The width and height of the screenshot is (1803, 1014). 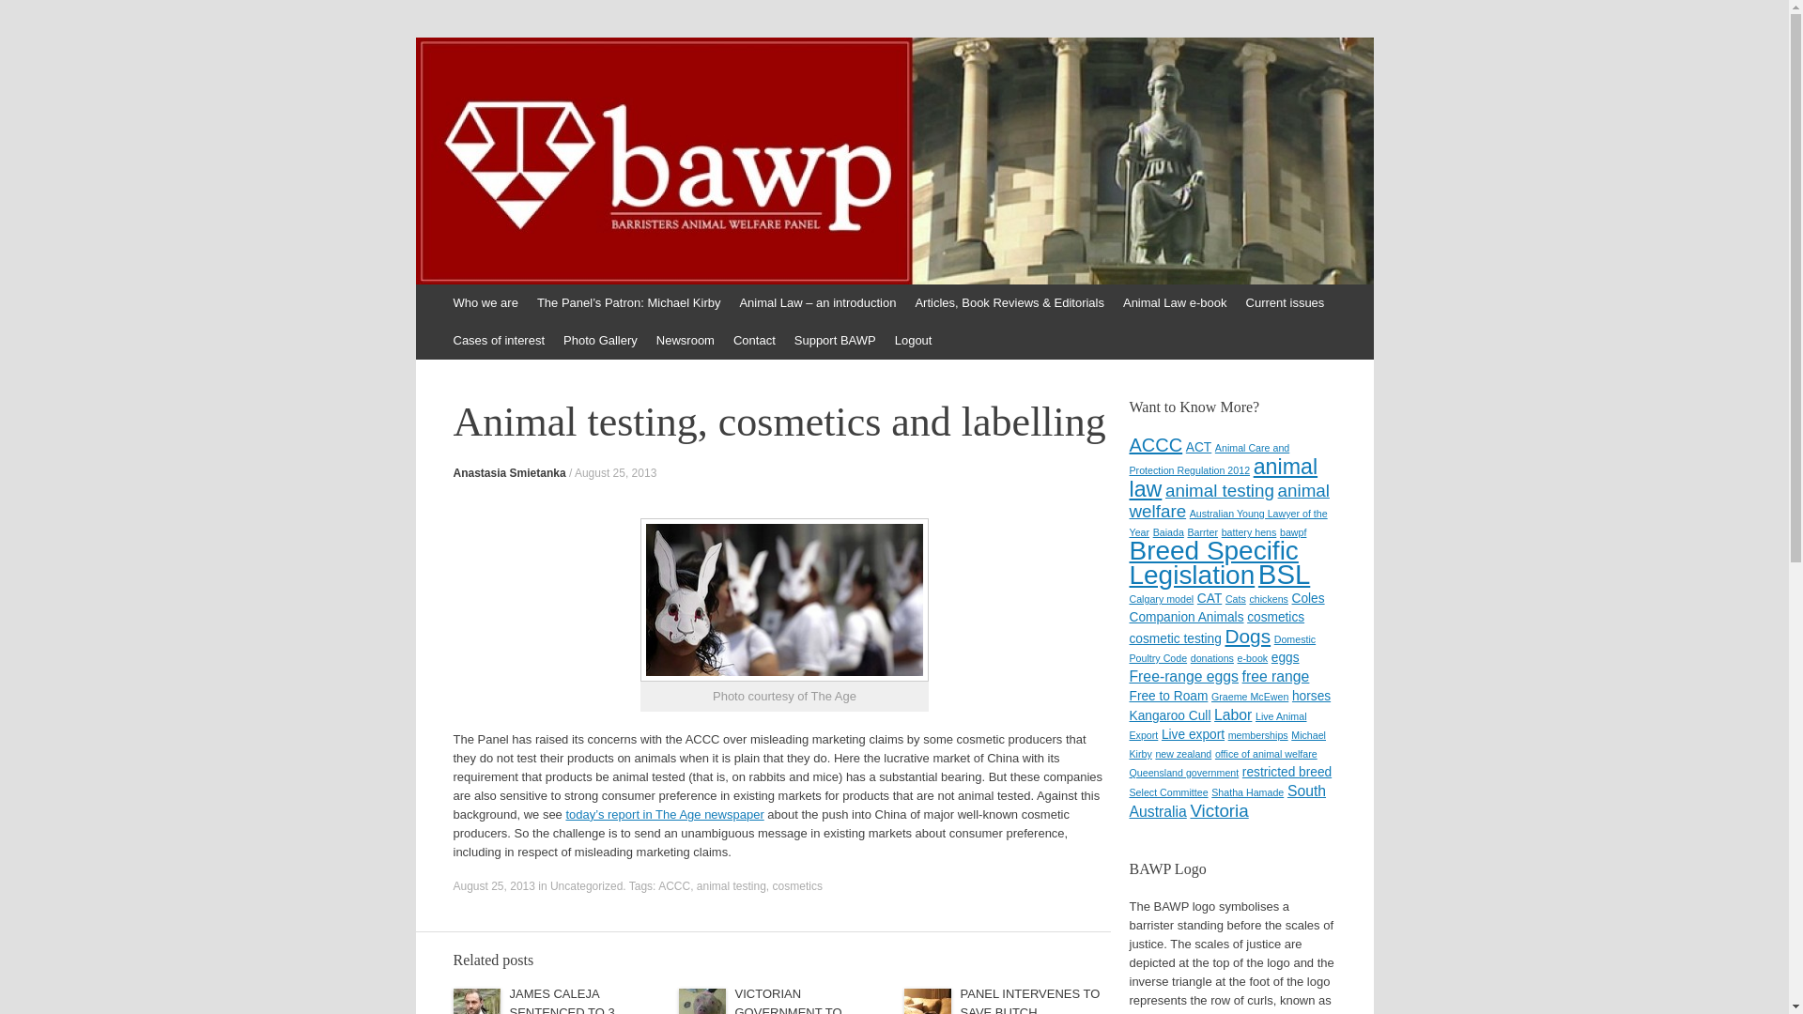 What do you see at coordinates (1127, 715) in the screenshot?
I see `'Kangaroo Cull'` at bounding box center [1127, 715].